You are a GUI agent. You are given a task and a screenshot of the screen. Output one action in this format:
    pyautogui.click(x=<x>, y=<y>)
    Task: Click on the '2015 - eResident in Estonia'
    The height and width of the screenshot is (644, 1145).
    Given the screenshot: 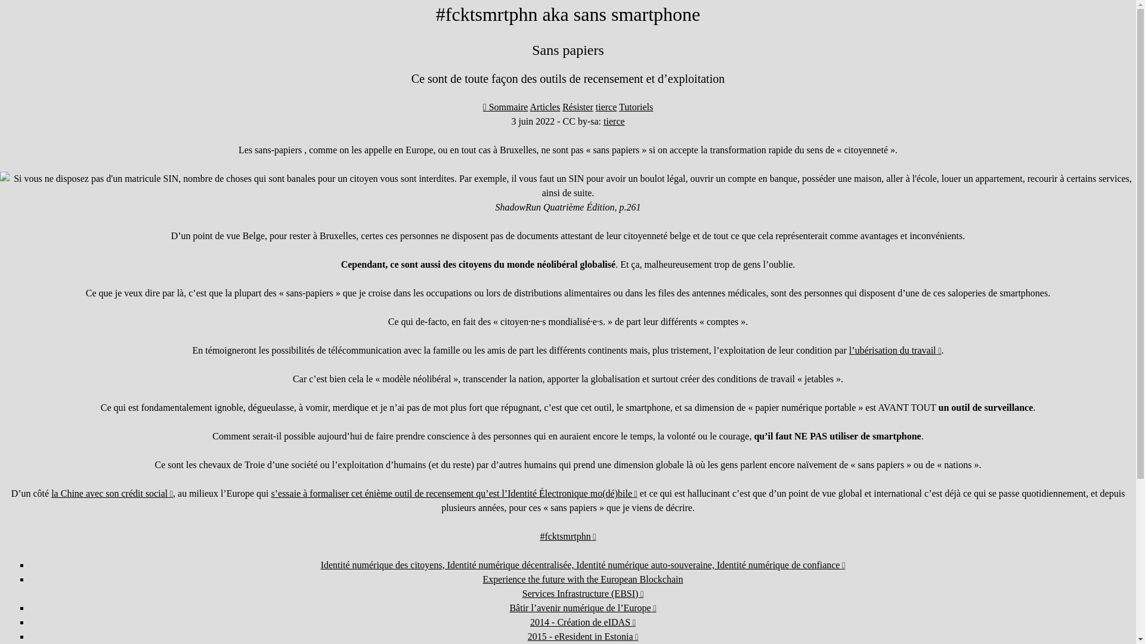 What is the action you would take?
    pyautogui.click(x=583, y=636)
    